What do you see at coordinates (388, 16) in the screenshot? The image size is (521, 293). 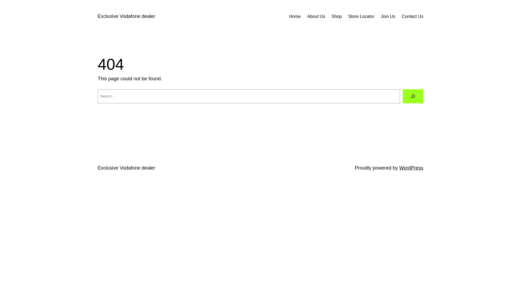 I see `'Join Us'` at bounding box center [388, 16].